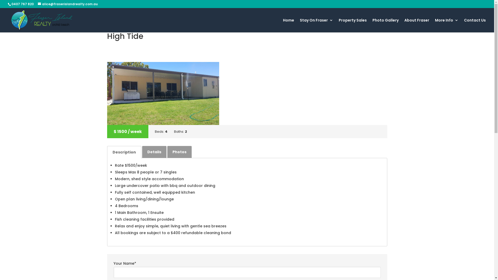 Image resolution: width=498 pixels, height=280 pixels. I want to click on 'Photo Gallery', so click(372, 25).